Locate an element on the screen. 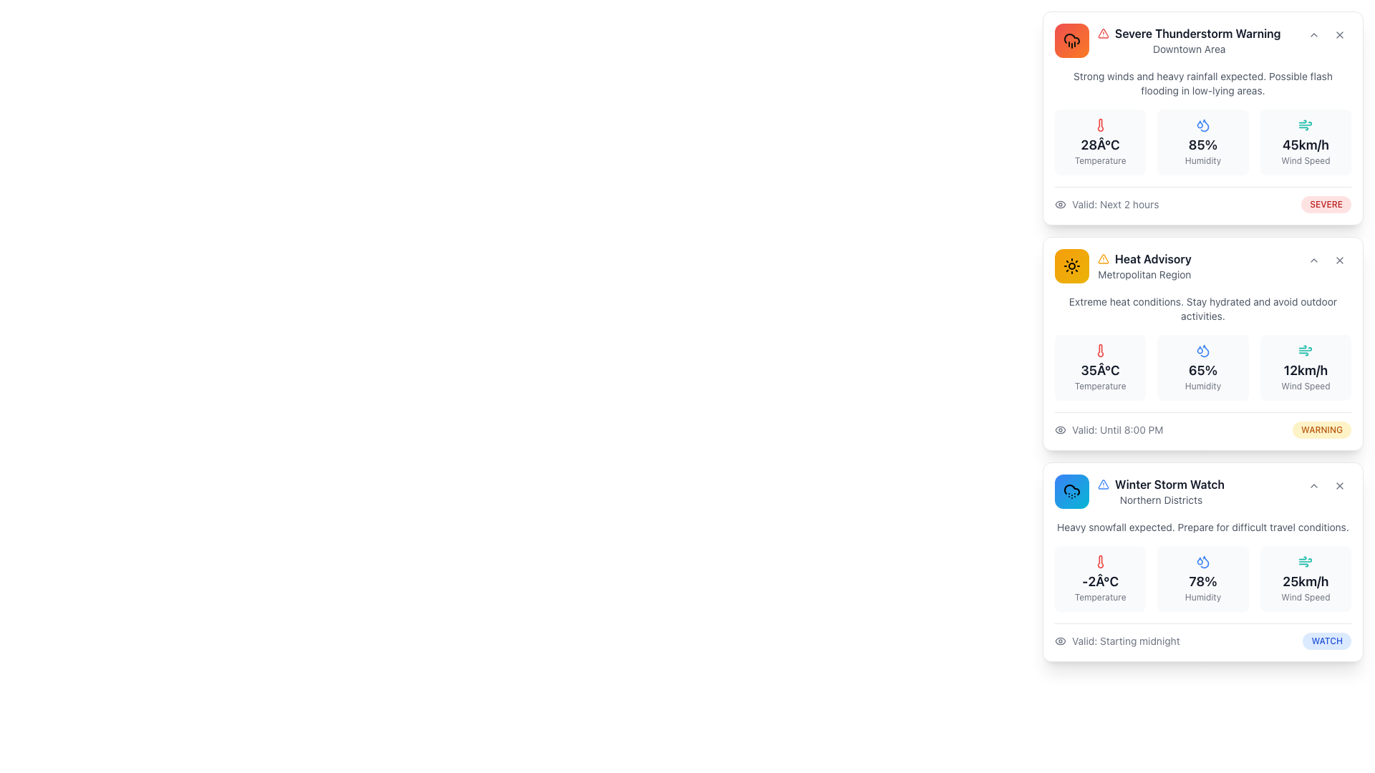 The image size is (1375, 773). the text element that reads 'Valid: Starting midnight' located at the bottom of the 'Winter Storm Watch' card, next to an icon is located at coordinates (1125, 640).